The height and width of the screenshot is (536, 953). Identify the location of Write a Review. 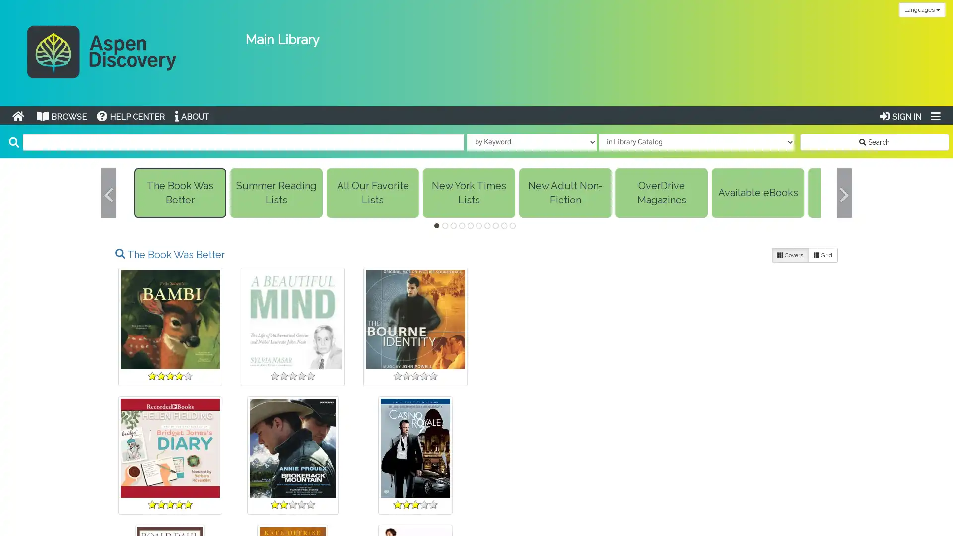
(169, 377).